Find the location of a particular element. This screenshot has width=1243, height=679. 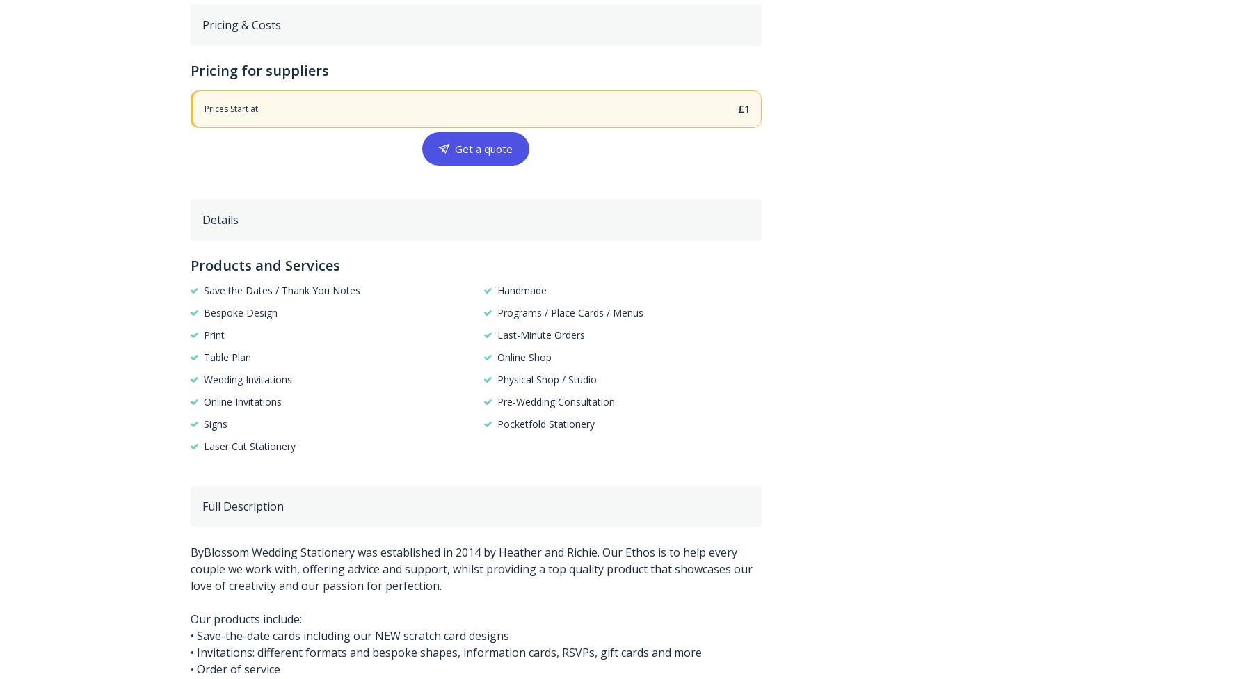

'Prices Start at' is located at coordinates (203, 107).